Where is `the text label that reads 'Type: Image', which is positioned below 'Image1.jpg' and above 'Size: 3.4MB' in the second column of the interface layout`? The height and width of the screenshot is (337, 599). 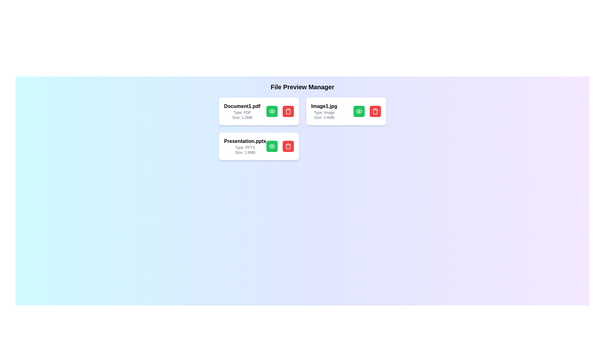 the text label that reads 'Type: Image', which is positioned below 'Image1.jpg' and above 'Size: 3.4MB' in the second column of the interface layout is located at coordinates (324, 113).